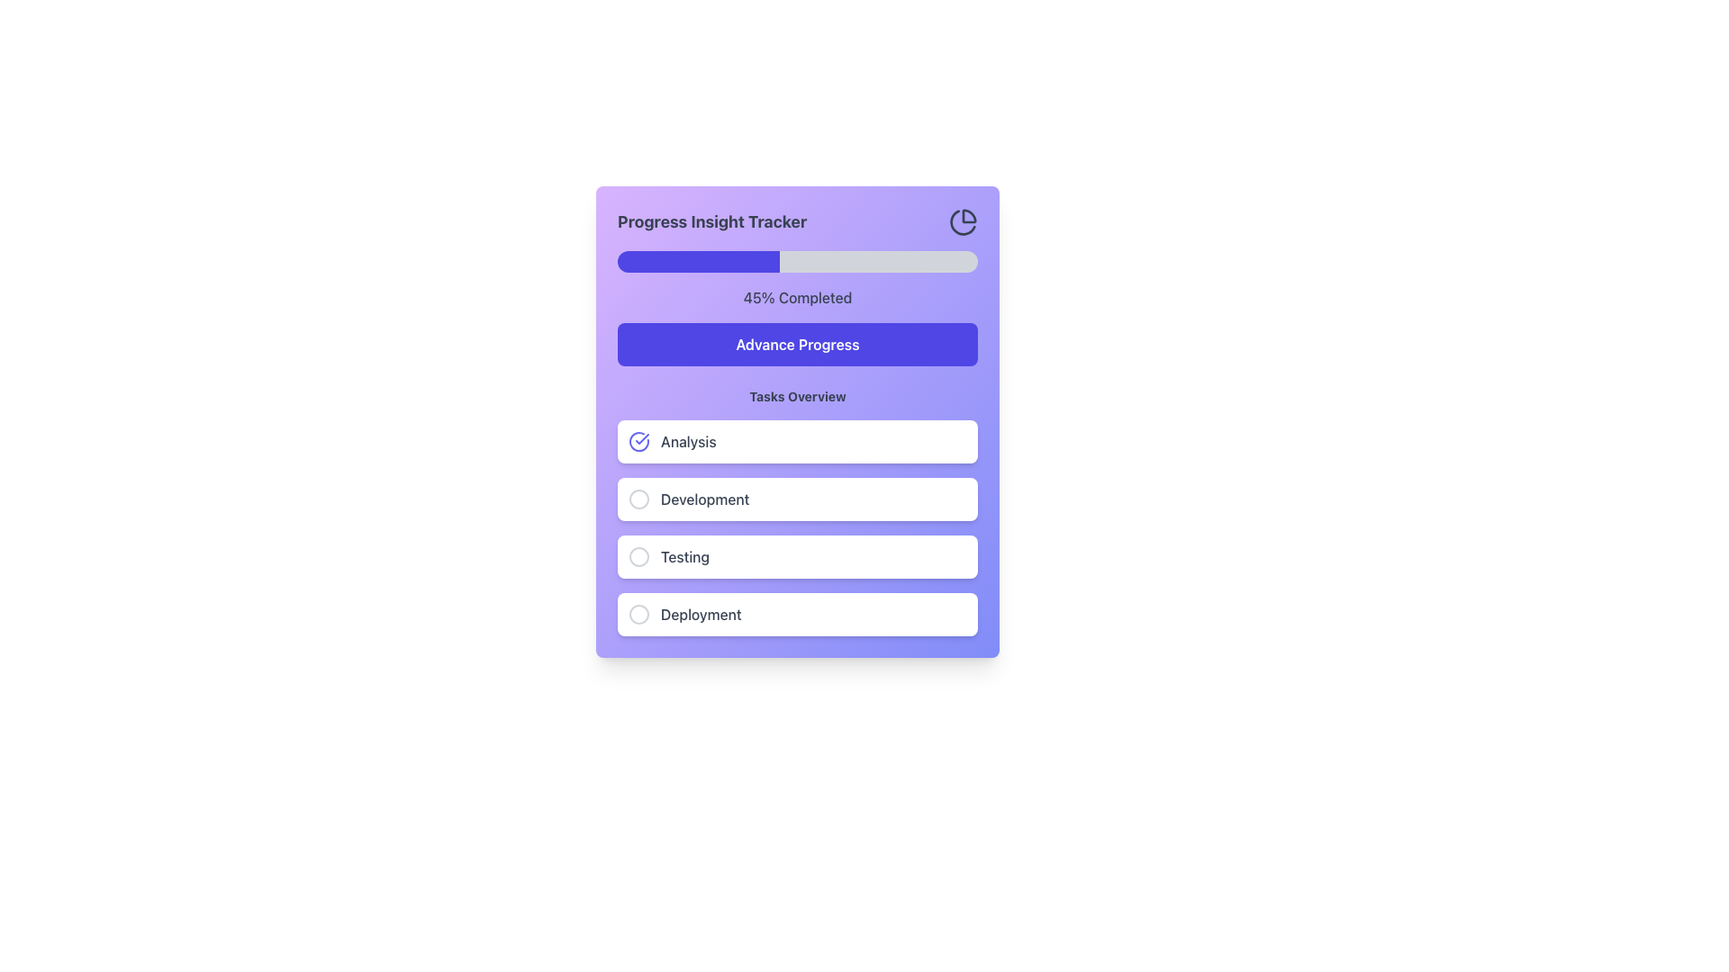 This screenshot has height=972, width=1729. What do you see at coordinates (797, 220) in the screenshot?
I see `the header element labeled 'Progress Insight Tracker' with a pie chart icon on the right, located at the top-center of the card interface` at bounding box center [797, 220].